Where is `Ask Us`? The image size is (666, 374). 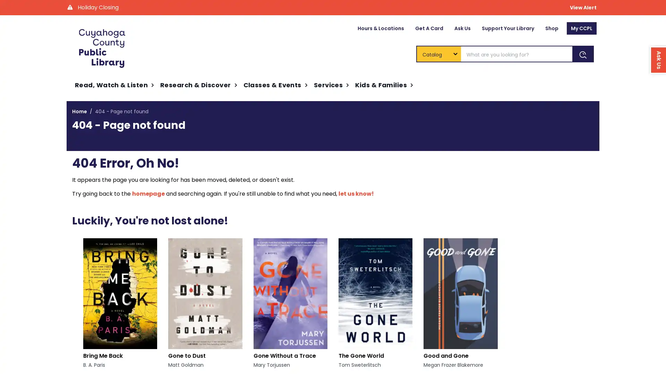
Ask Us is located at coordinates (519, 63).